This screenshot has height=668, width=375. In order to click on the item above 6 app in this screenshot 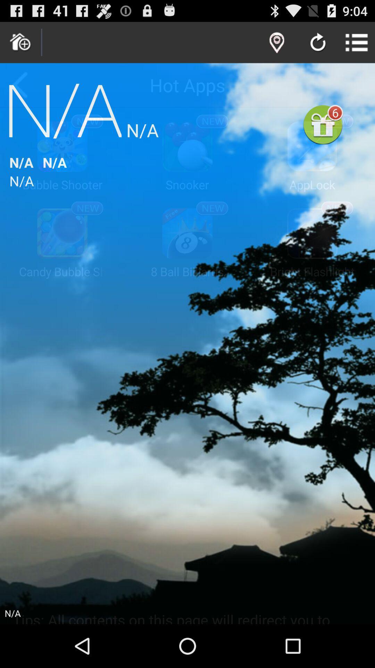, I will do `click(318, 43)`.